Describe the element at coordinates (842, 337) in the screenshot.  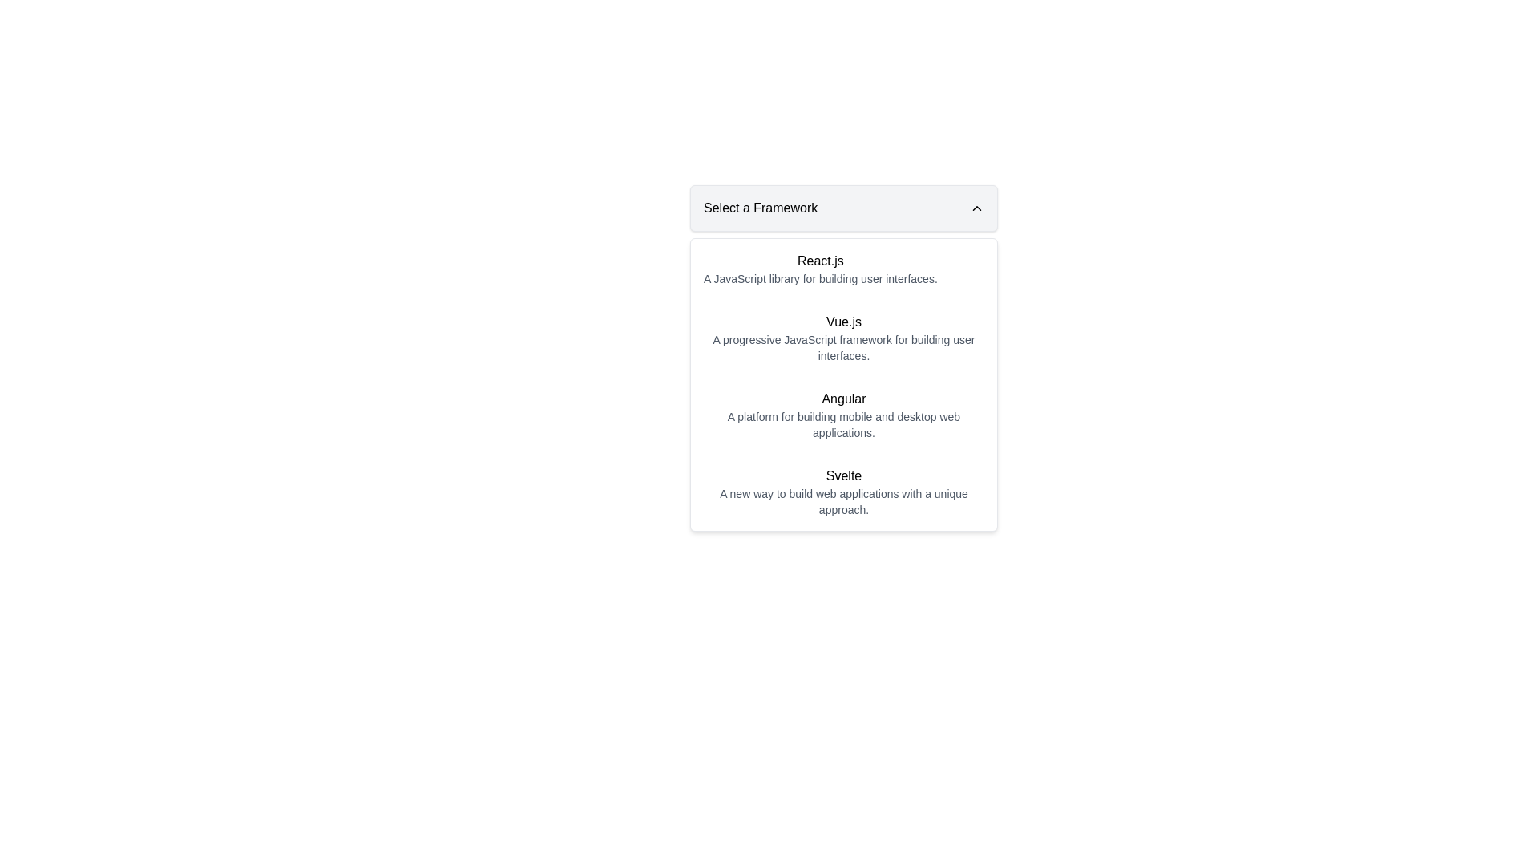
I see `the second item in the vertically arranged selection menu, positioned between 'React.js' and 'Angular'` at that location.